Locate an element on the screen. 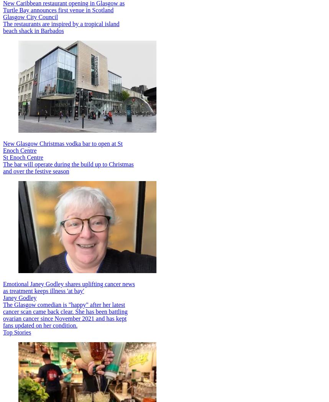  'Top Stories' is located at coordinates (16, 332).